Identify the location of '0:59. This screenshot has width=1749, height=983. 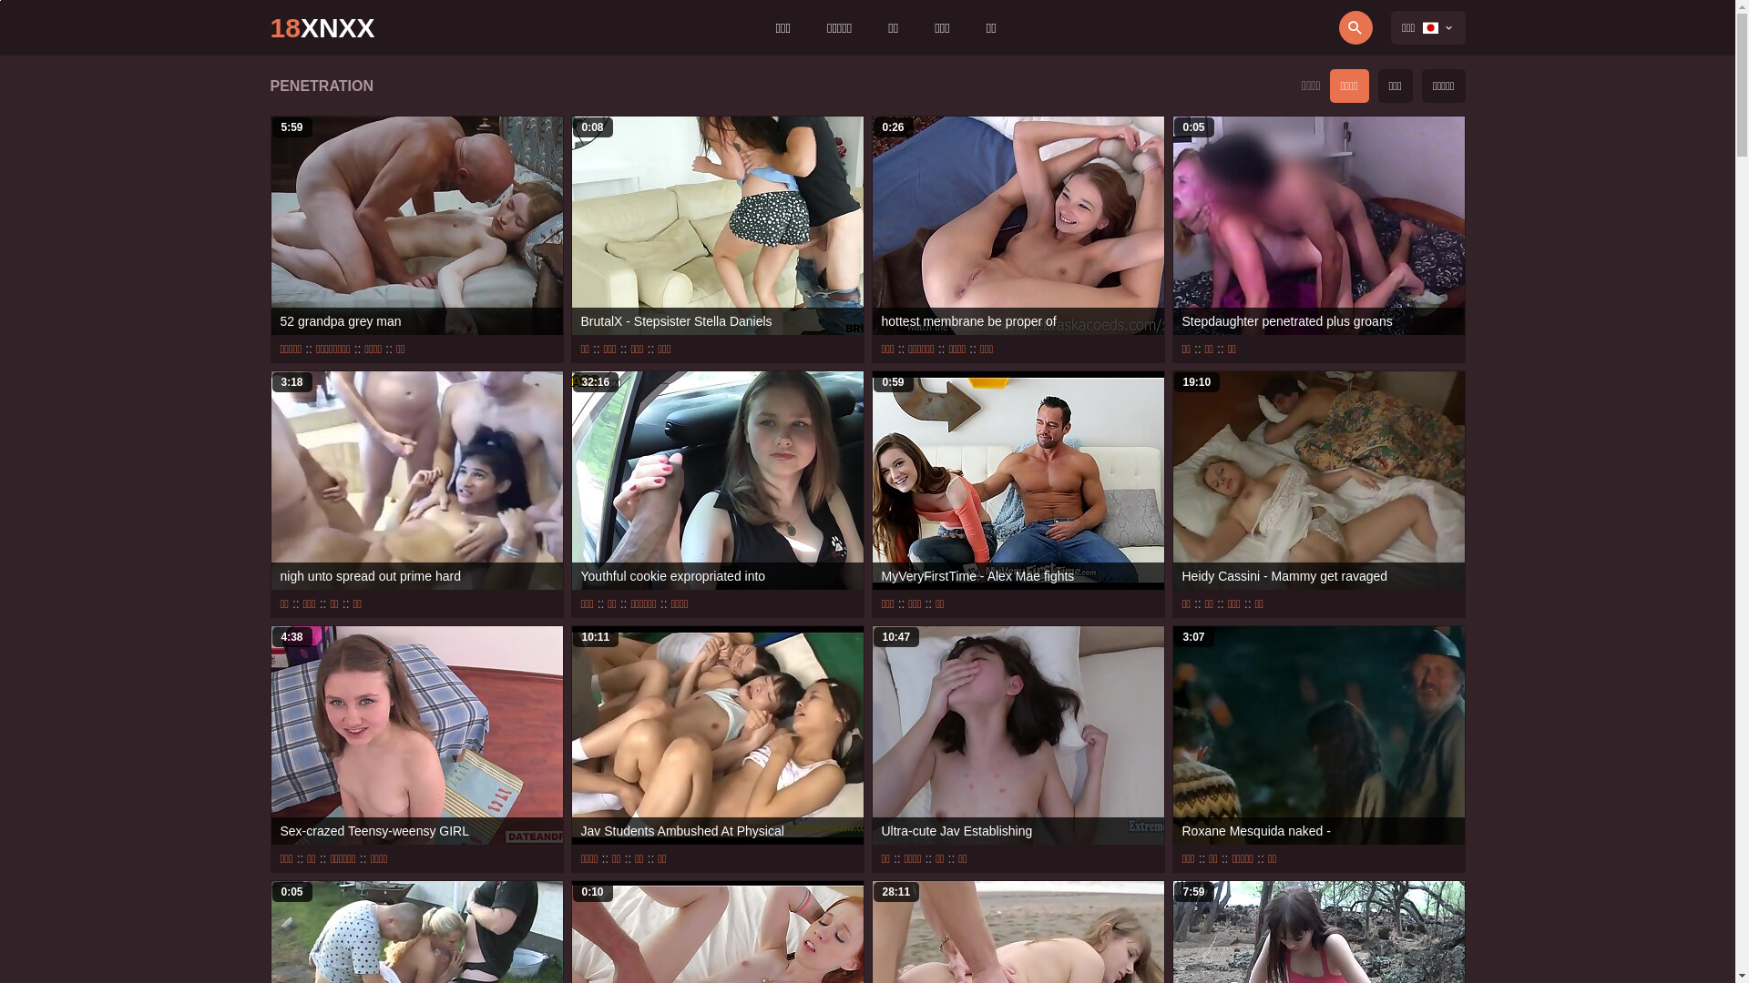
(1018, 480).